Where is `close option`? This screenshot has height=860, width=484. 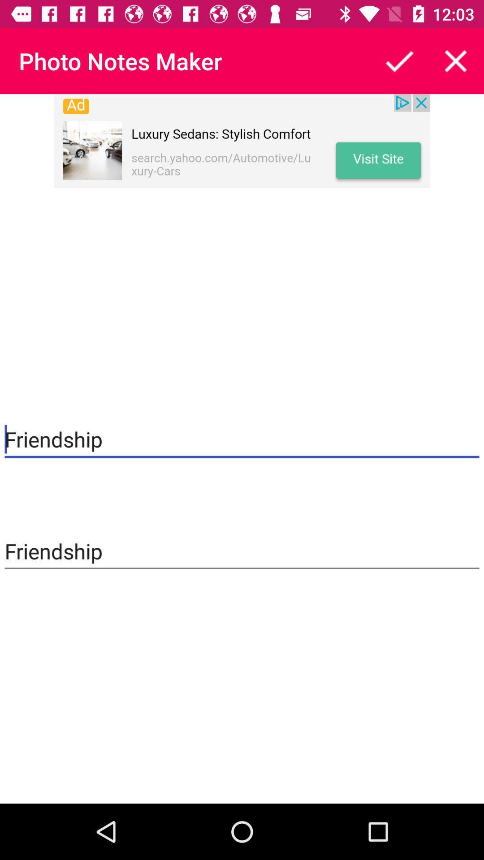 close option is located at coordinates (456, 60).